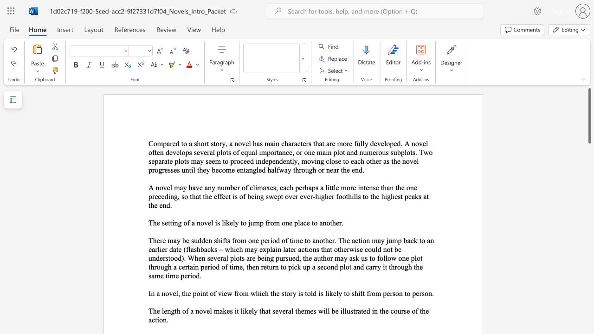 The width and height of the screenshot is (594, 334). Describe the element at coordinates (589, 273) in the screenshot. I see `the scrollbar on the right side to scroll the page down` at that location.